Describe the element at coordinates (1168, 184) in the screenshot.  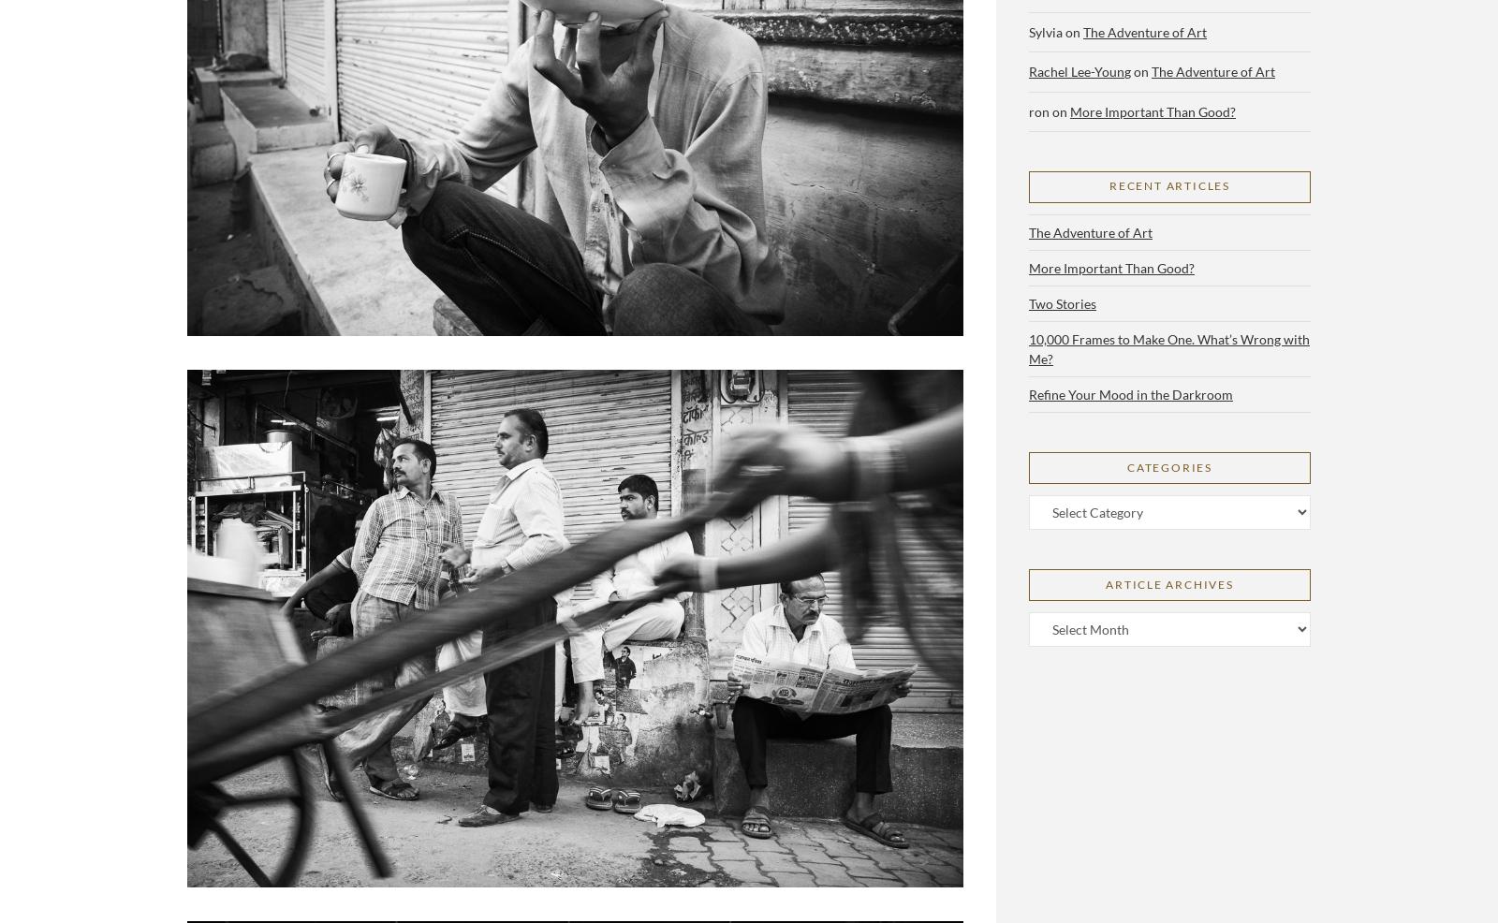
I see `'Recent Articles'` at that location.